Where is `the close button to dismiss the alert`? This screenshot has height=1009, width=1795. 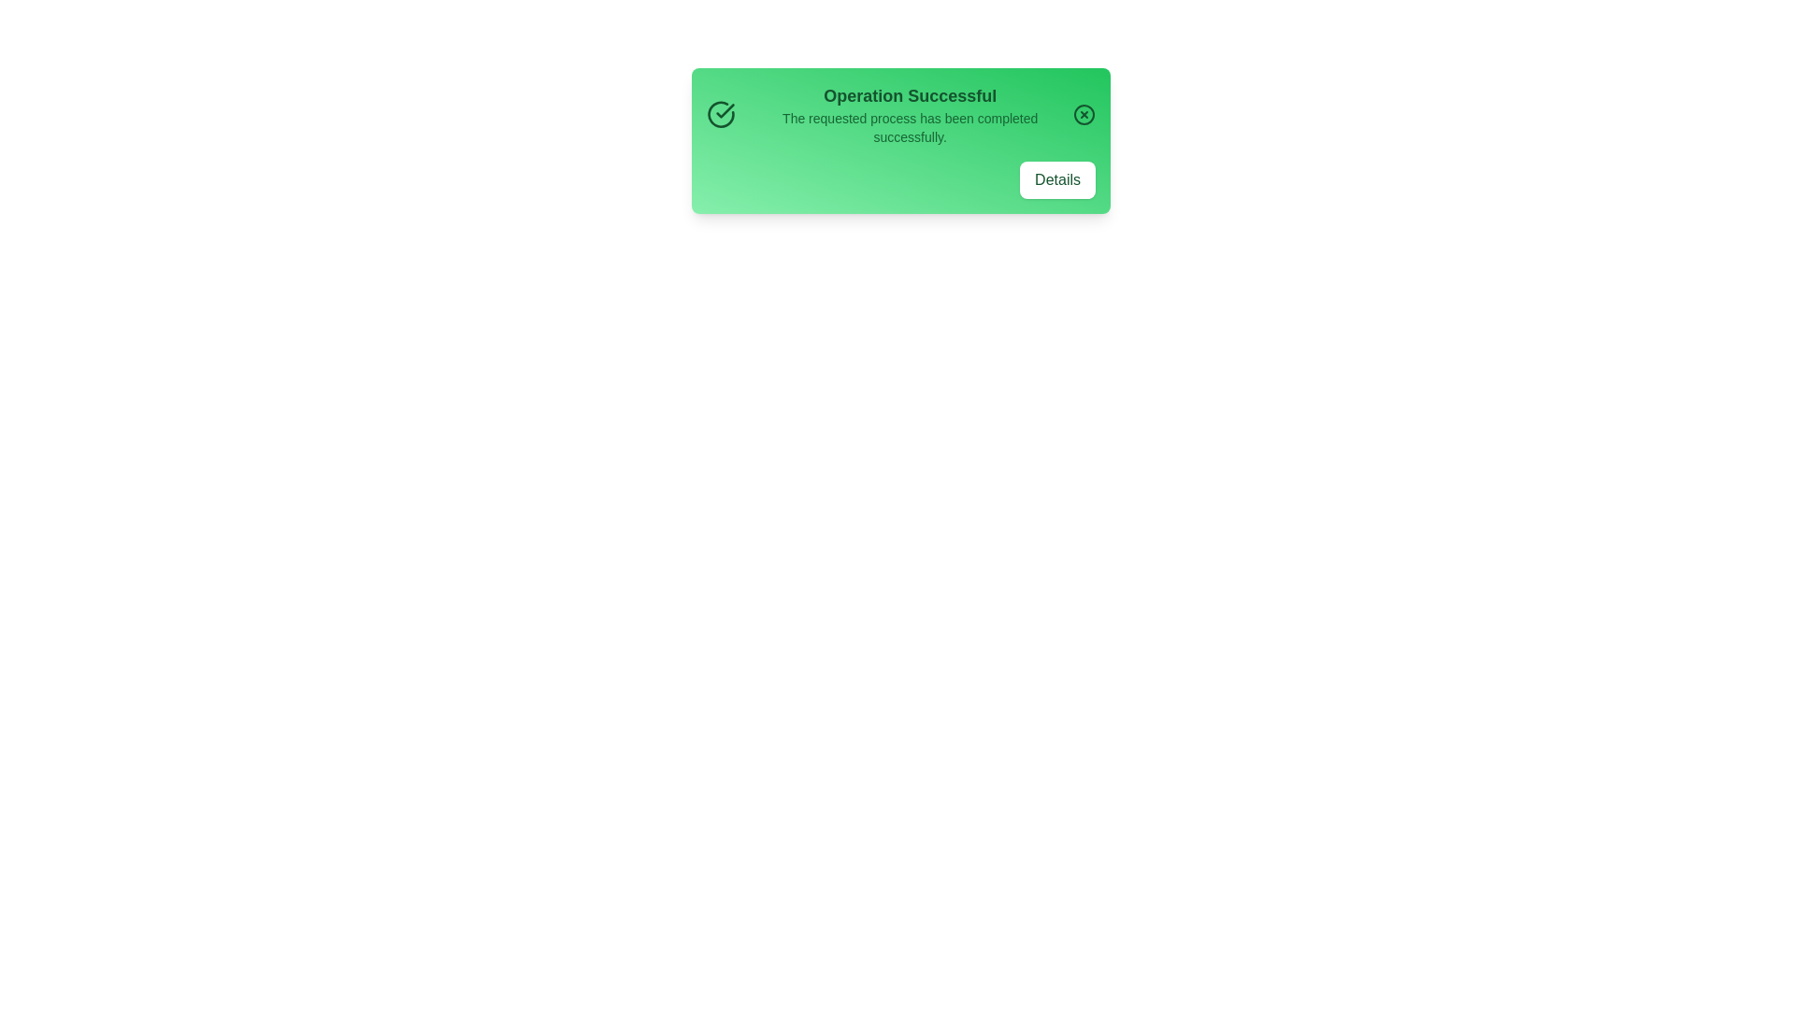 the close button to dismiss the alert is located at coordinates (1084, 115).